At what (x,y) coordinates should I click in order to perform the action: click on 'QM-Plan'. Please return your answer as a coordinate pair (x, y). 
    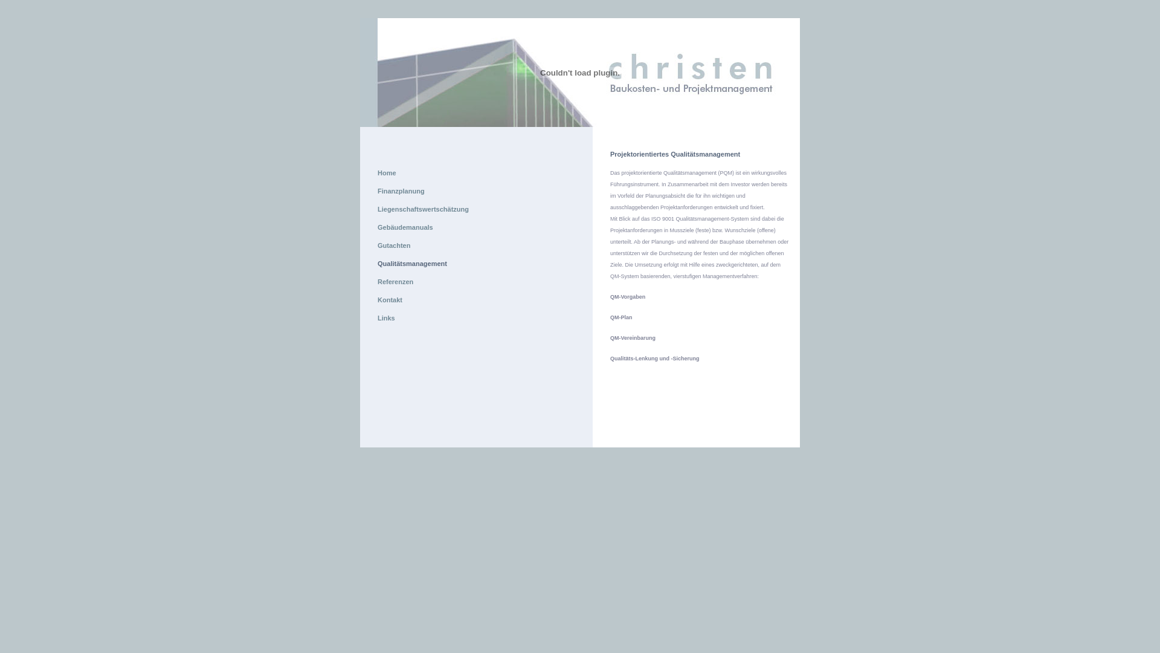
    Looking at the image, I should click on (621, 316).